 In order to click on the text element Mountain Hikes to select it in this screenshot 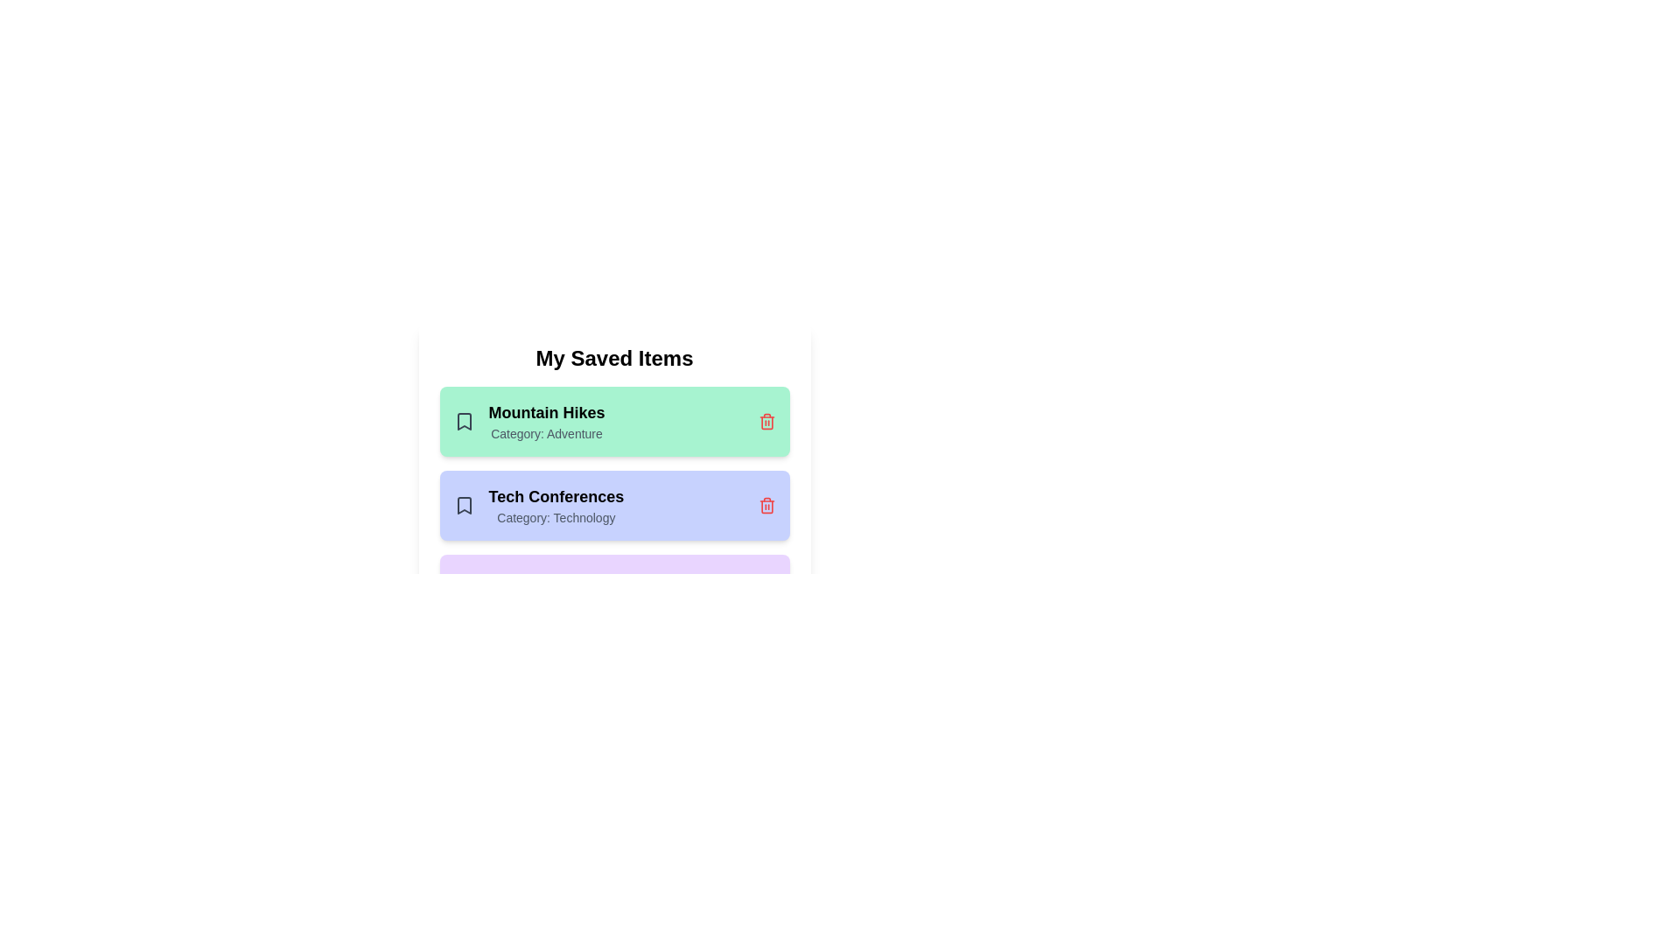, I will do `click(545, 412)`.